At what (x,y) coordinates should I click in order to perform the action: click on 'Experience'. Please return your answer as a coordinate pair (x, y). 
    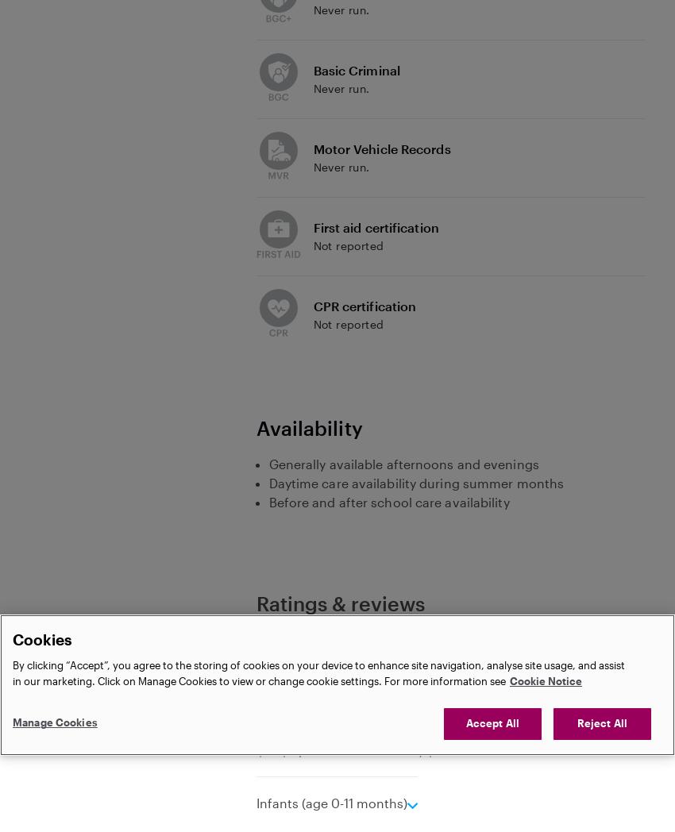
    Looking at the image, I should click on (310, 687).